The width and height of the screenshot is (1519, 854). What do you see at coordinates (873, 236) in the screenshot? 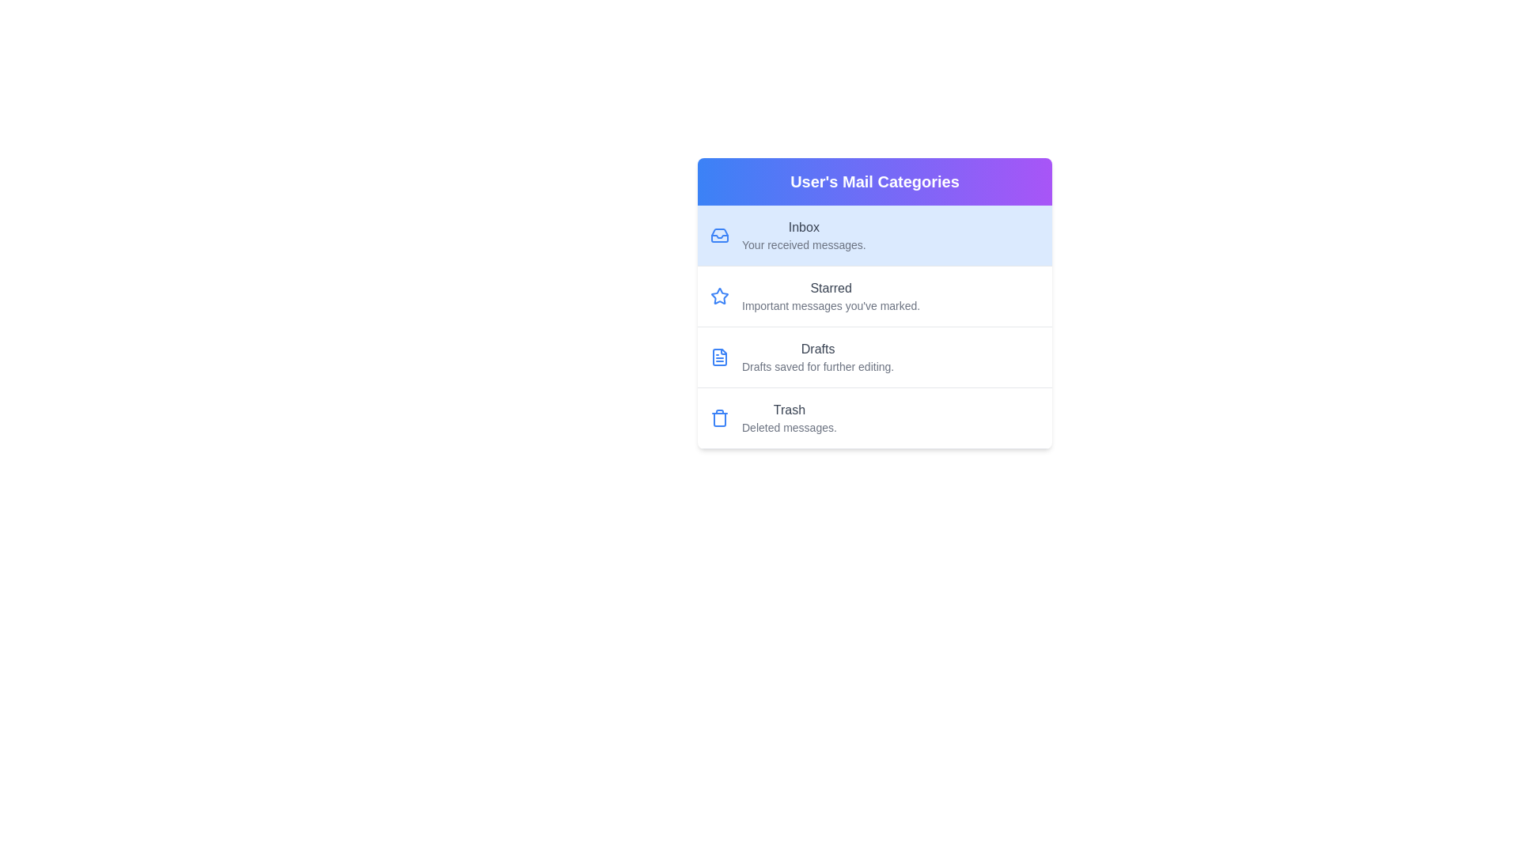
I see `the mail category item Inbox` at bounding box center [873, 236].